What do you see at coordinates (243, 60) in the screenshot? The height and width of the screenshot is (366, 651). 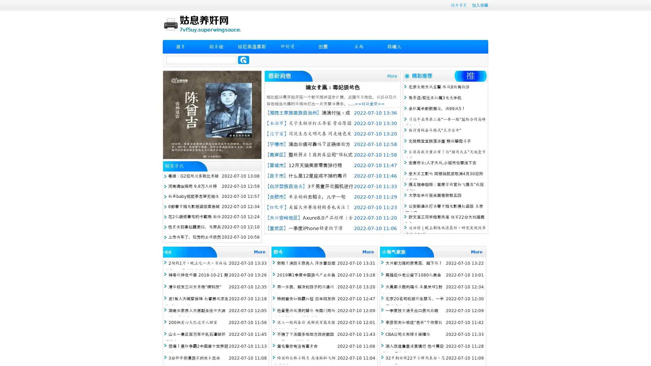 I see `Search` at bounding box center [243, 60].